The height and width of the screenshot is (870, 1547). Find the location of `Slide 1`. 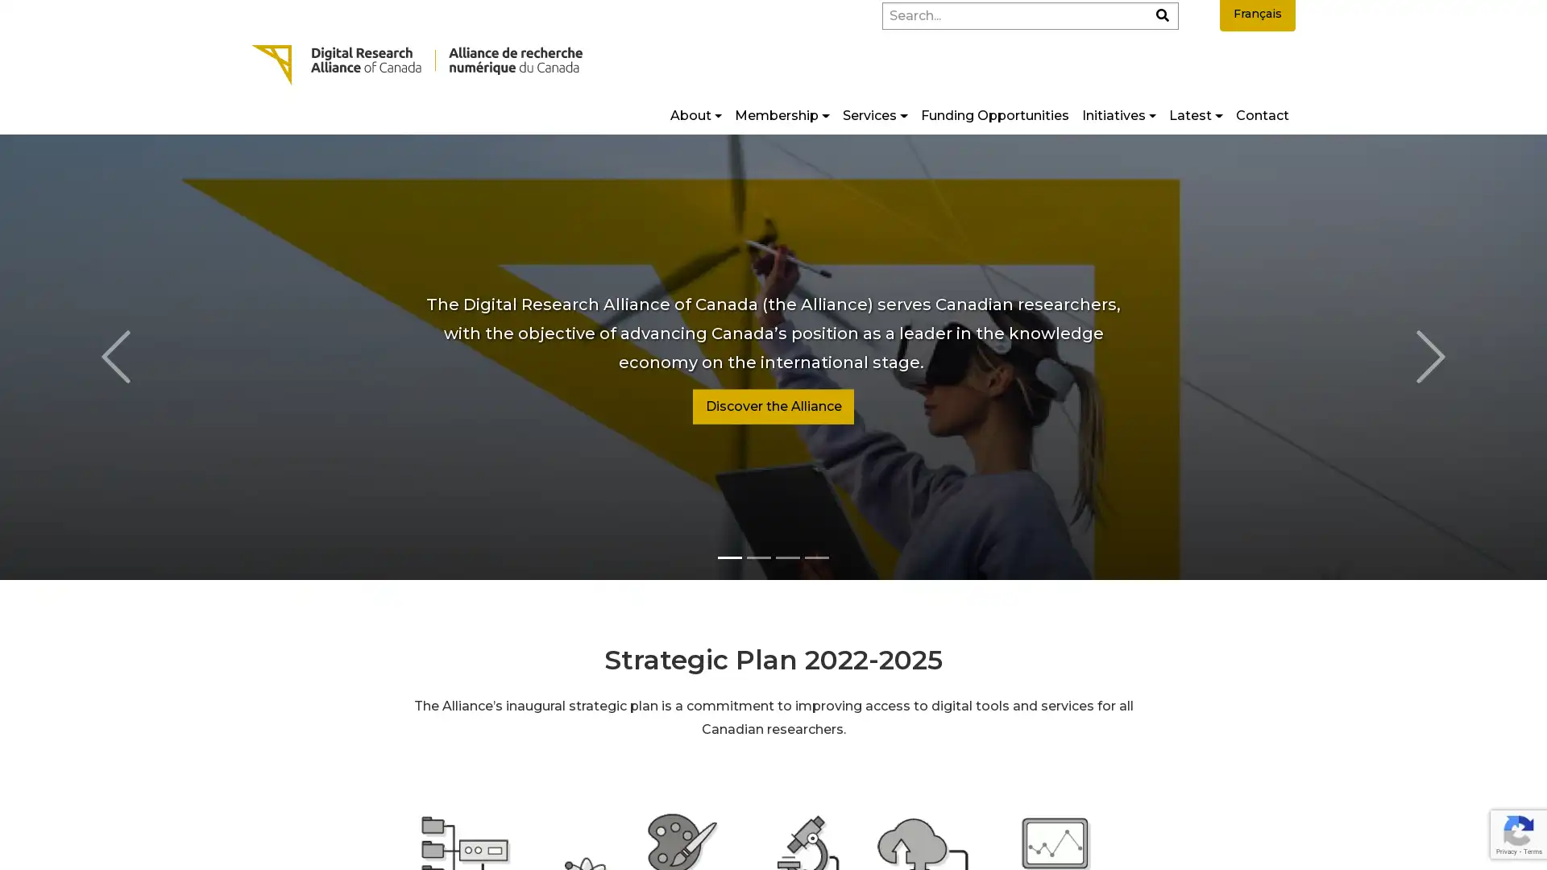

Slide 1 is located at coordinates (757, 556).